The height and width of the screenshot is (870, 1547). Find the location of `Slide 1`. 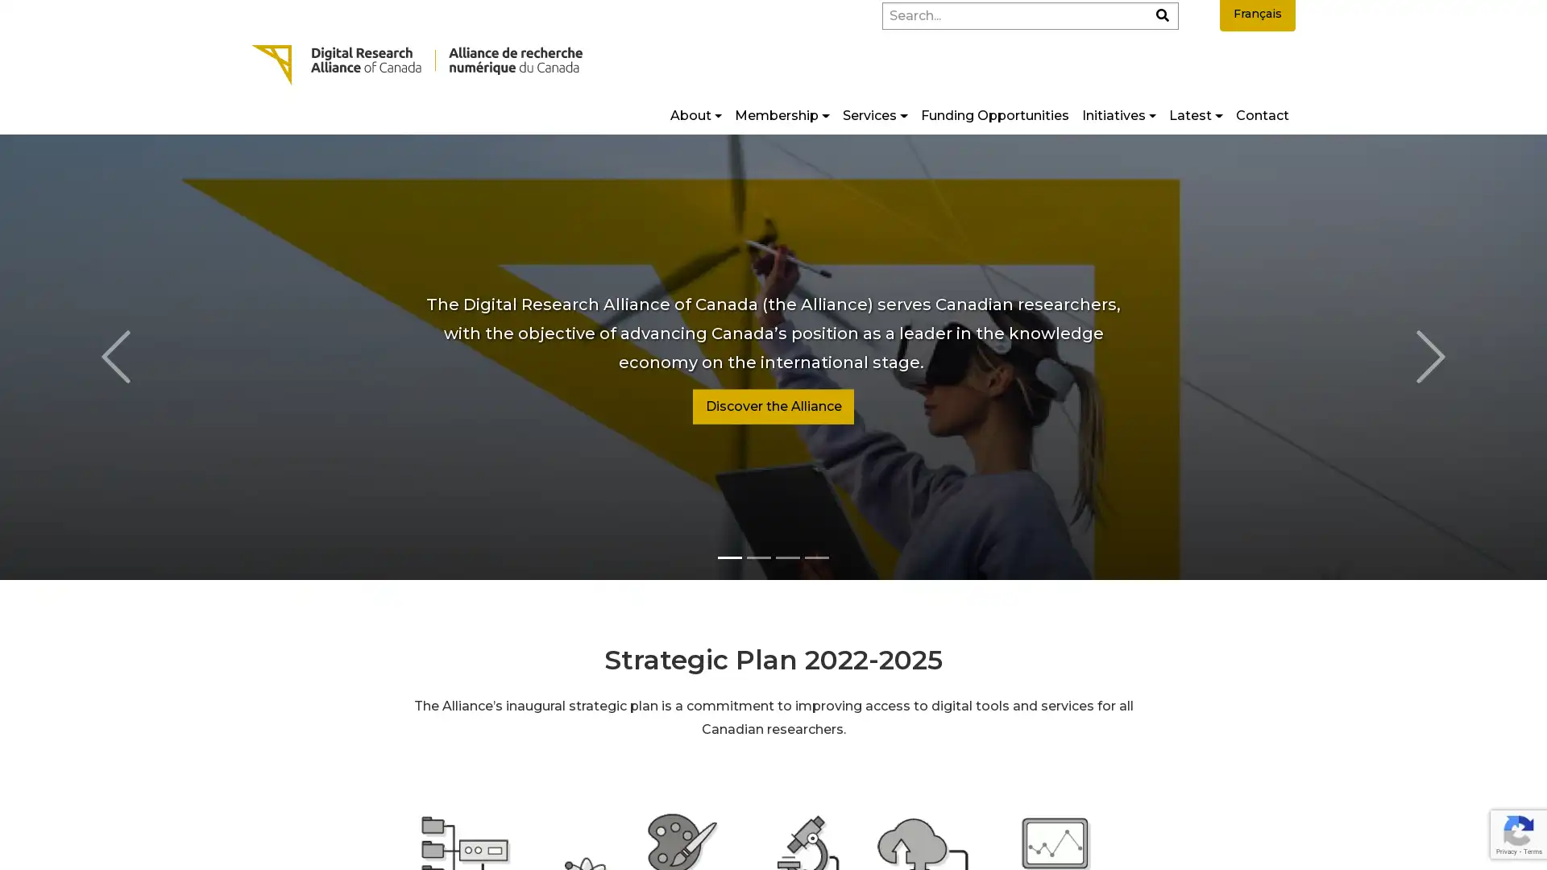

Slide 1 is located at coordinates (757, 556).